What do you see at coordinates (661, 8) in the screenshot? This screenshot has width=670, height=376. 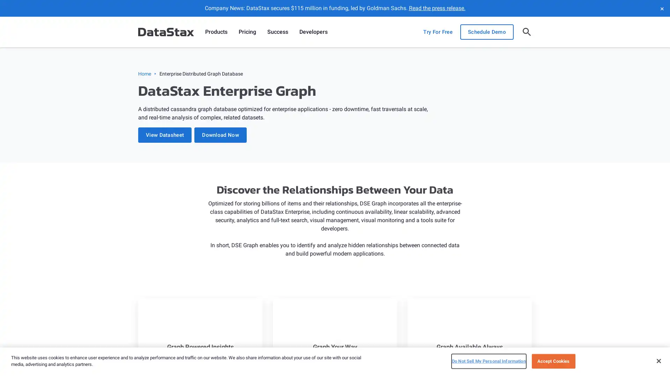 I see `Dismiss` at bounding box center [661, 8].